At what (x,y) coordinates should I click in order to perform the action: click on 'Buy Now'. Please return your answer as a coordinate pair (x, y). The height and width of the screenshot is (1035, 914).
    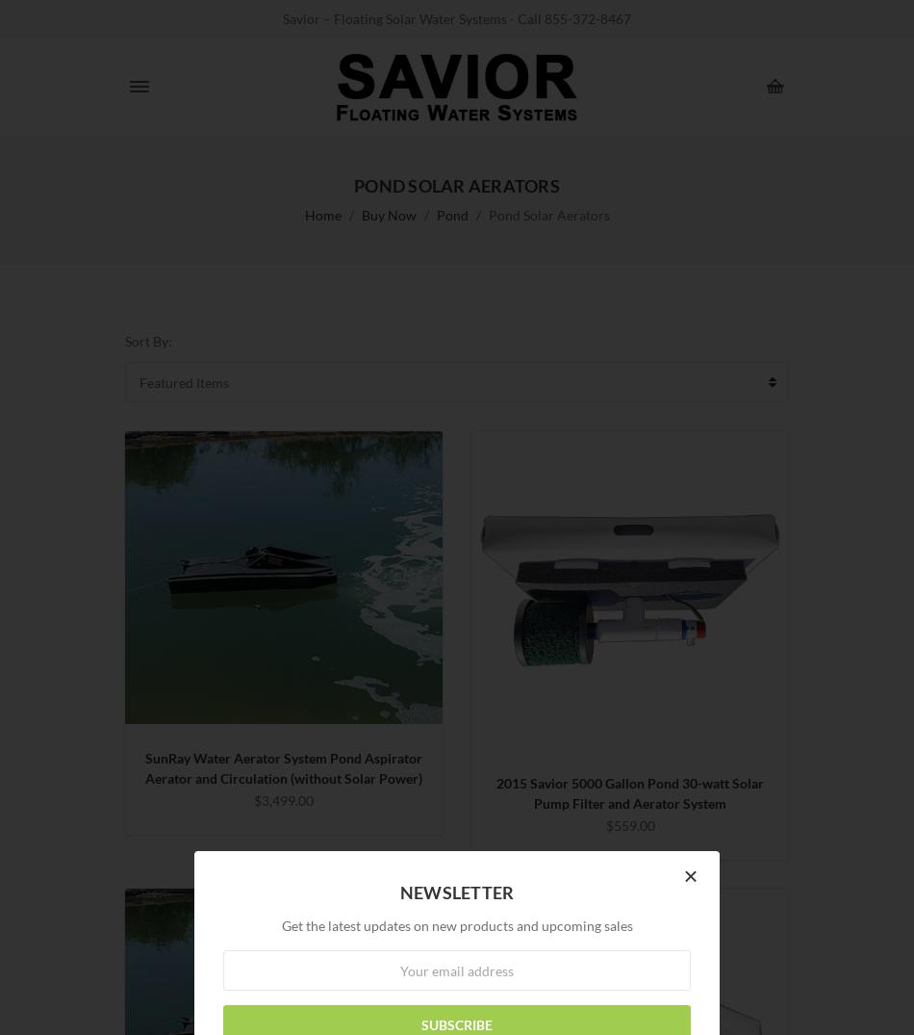
    Looking at the image, I should click on (387, 214).